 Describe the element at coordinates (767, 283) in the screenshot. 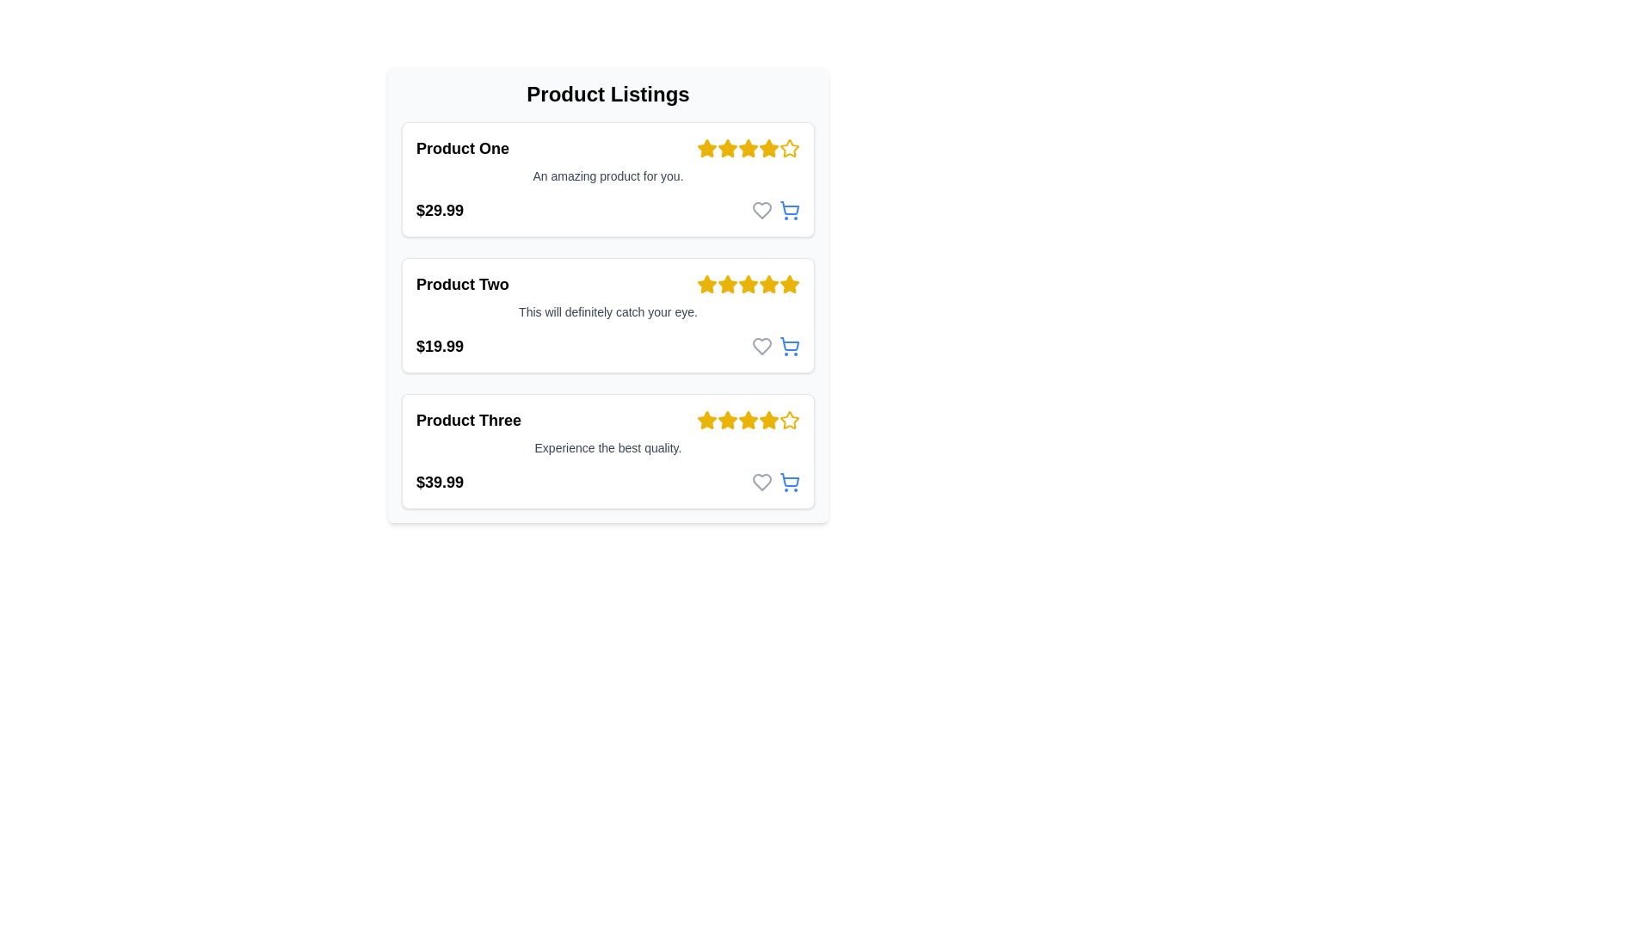

I see `the fourth golden yellow star icon in the rating system of the second product card` at that location.